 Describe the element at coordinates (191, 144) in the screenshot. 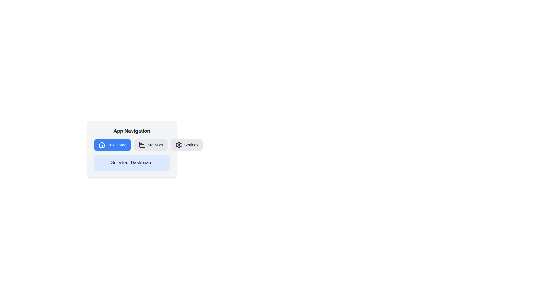

I see `the text label 'Settings', which is styled in a standard font and positioned next to a gear icon in the navigation menu` at that location.